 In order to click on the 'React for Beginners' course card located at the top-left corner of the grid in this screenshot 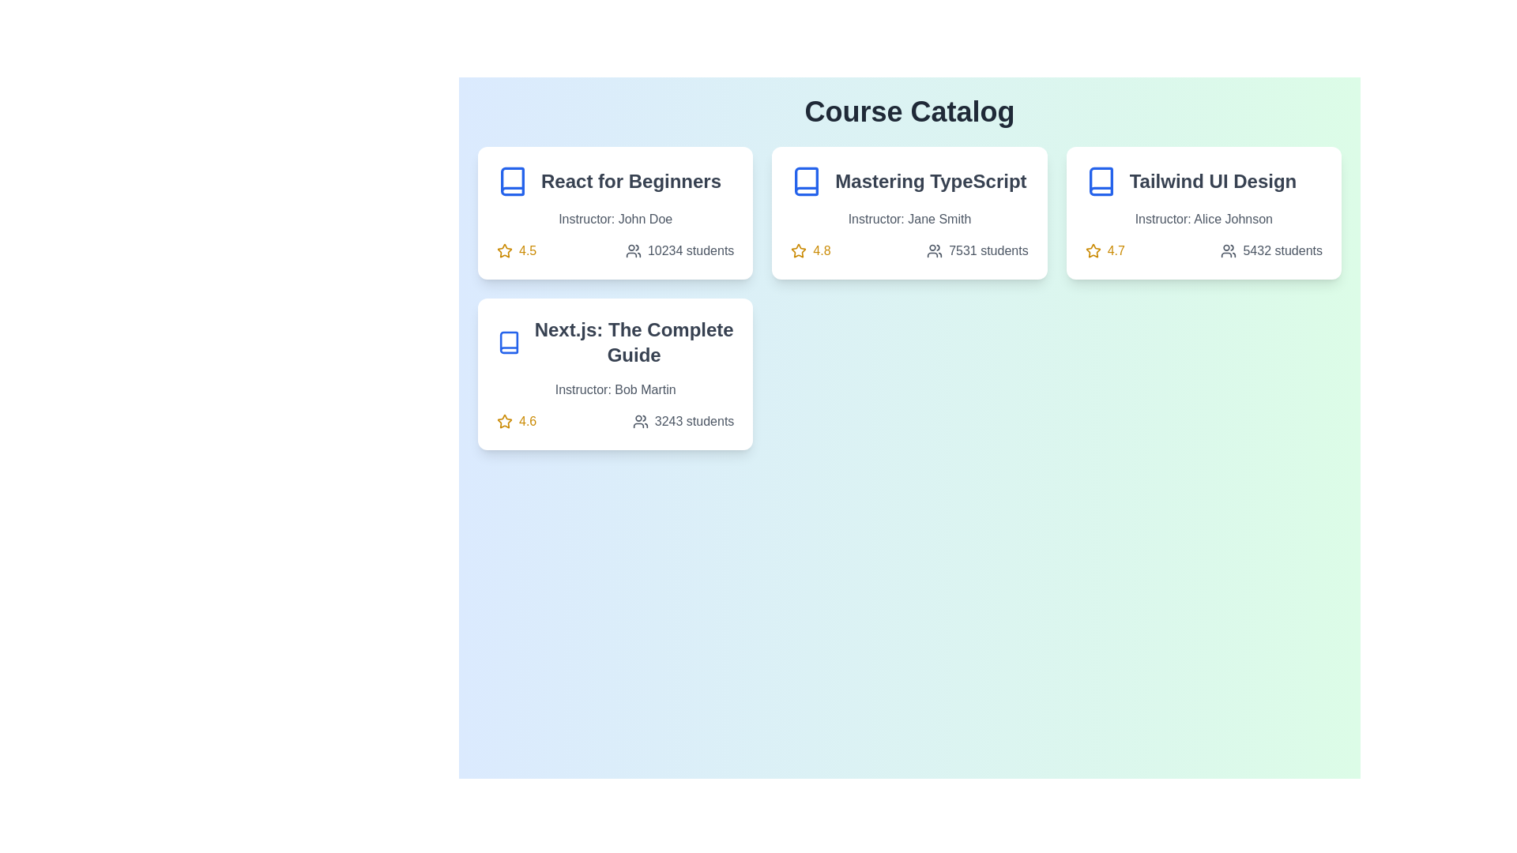, I will do `click(615, 213)`.